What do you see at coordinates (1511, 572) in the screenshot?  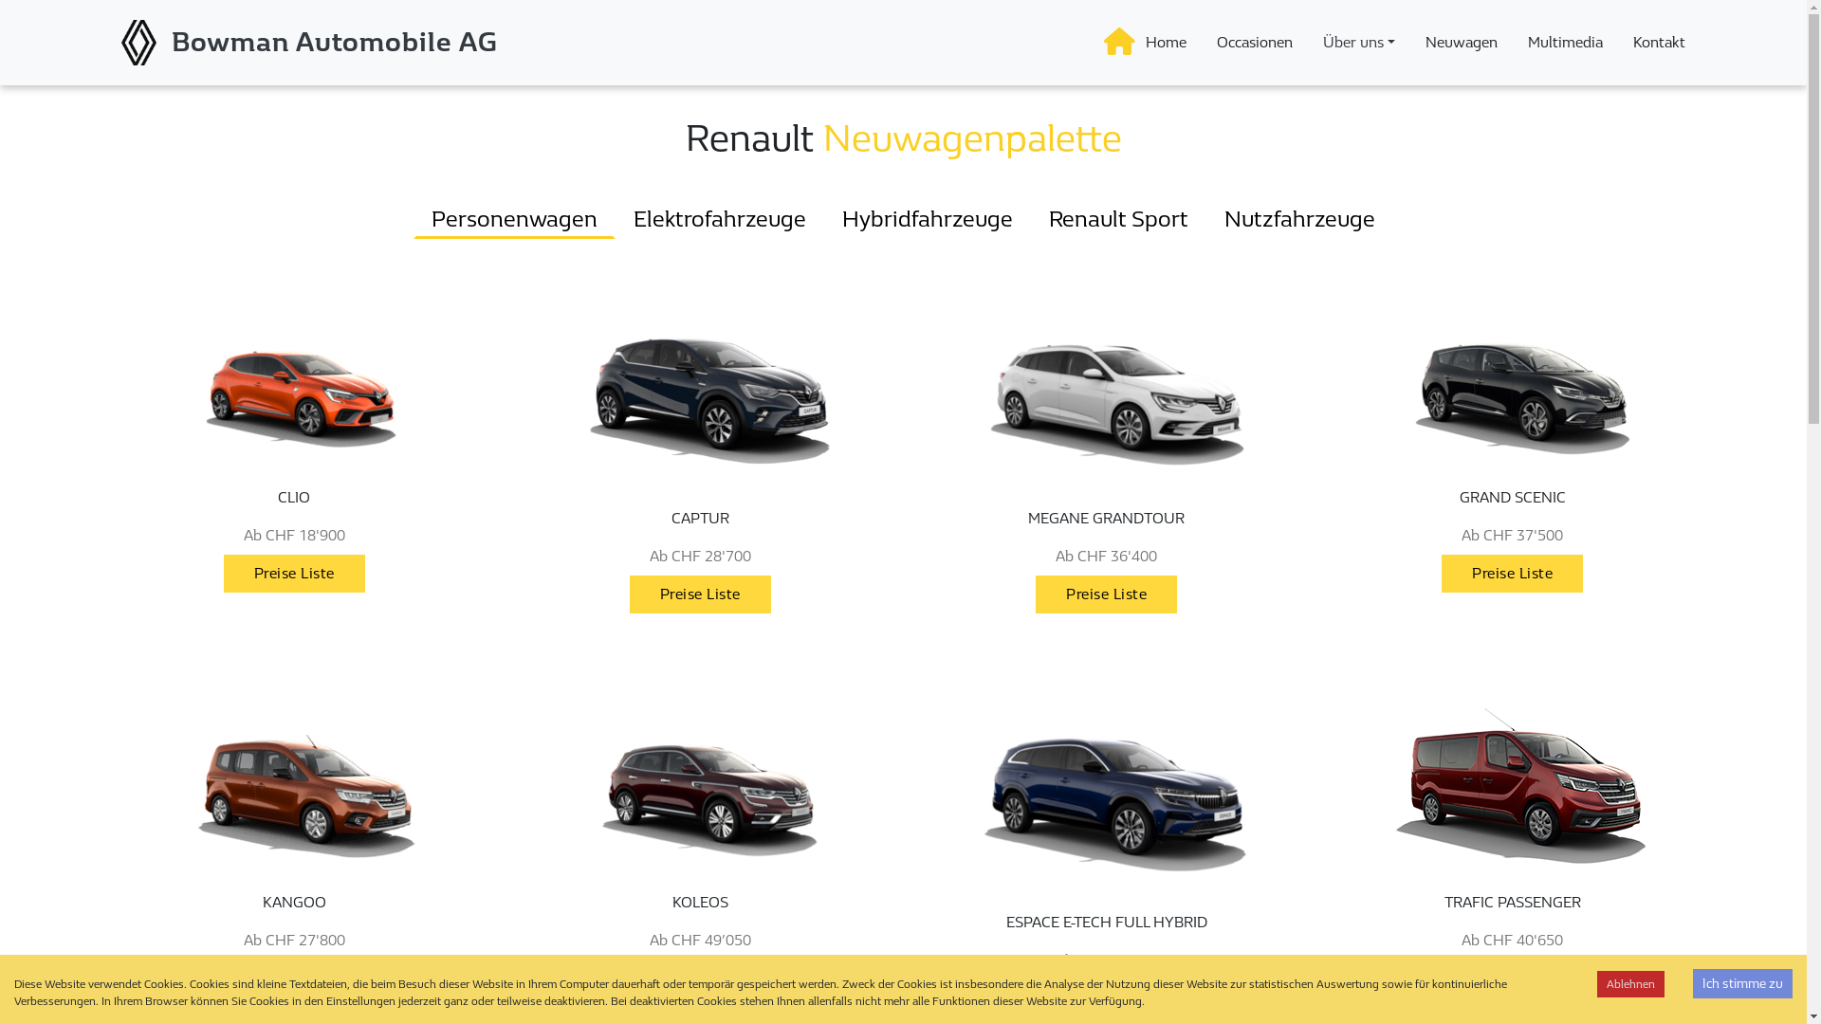 I see `'Preise Liste'` at bounding box center [1511, 572].